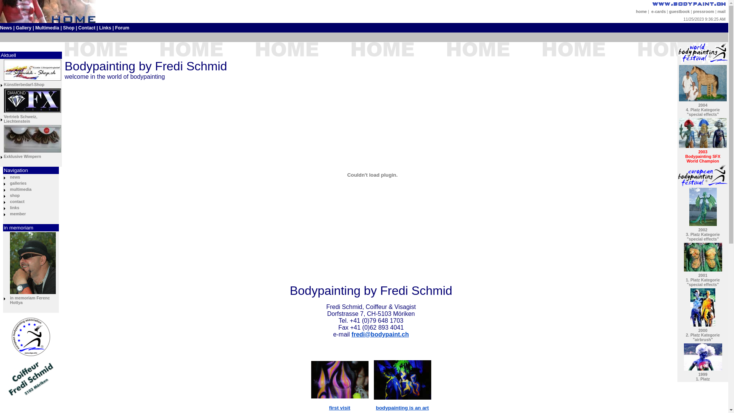 This screenshot has height=413, width=734. Describe the element at coordinates (69, 28) in the screenshot. I see `'Shop'` at that location.